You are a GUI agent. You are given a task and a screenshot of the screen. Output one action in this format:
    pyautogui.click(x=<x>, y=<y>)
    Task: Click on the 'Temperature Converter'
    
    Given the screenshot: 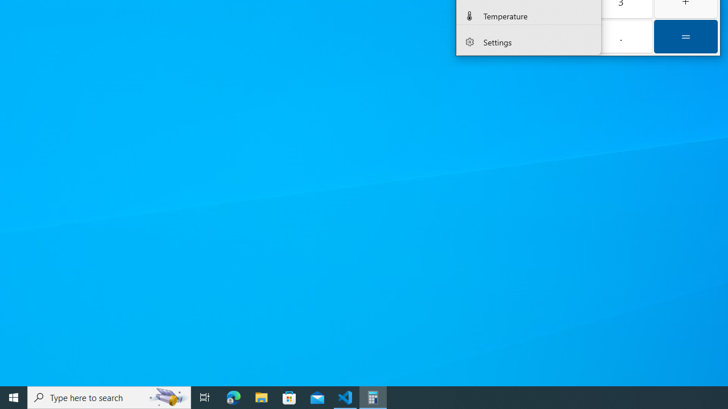 What is the action you would take?
    pyautogui.click(x=528, y=14)
    